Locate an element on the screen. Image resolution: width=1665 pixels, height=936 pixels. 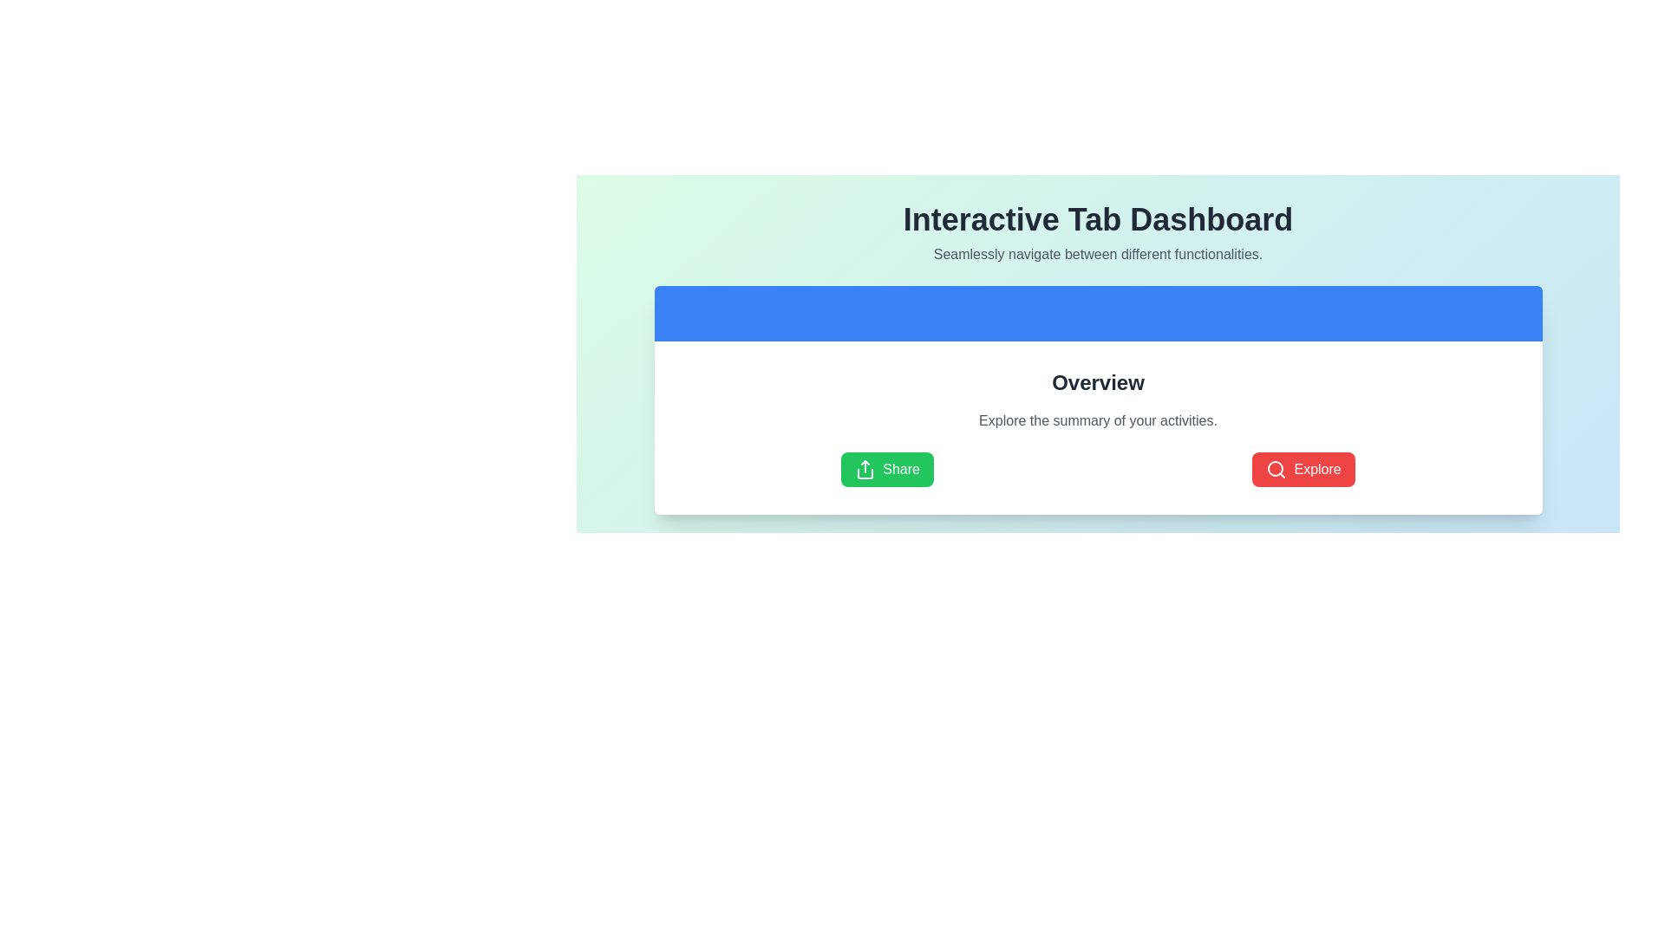
the text label displaying 'Overview' is located at coordinates (1097, 382).